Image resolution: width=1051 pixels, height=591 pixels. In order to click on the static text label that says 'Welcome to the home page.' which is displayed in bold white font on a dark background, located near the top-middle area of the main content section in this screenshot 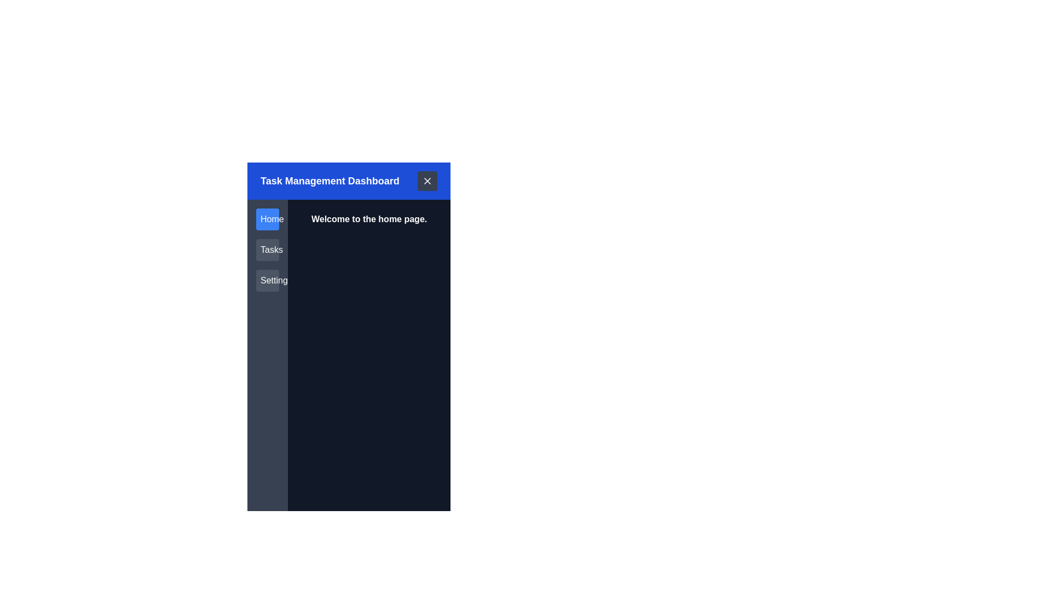, I will do `click(369, 219)`.